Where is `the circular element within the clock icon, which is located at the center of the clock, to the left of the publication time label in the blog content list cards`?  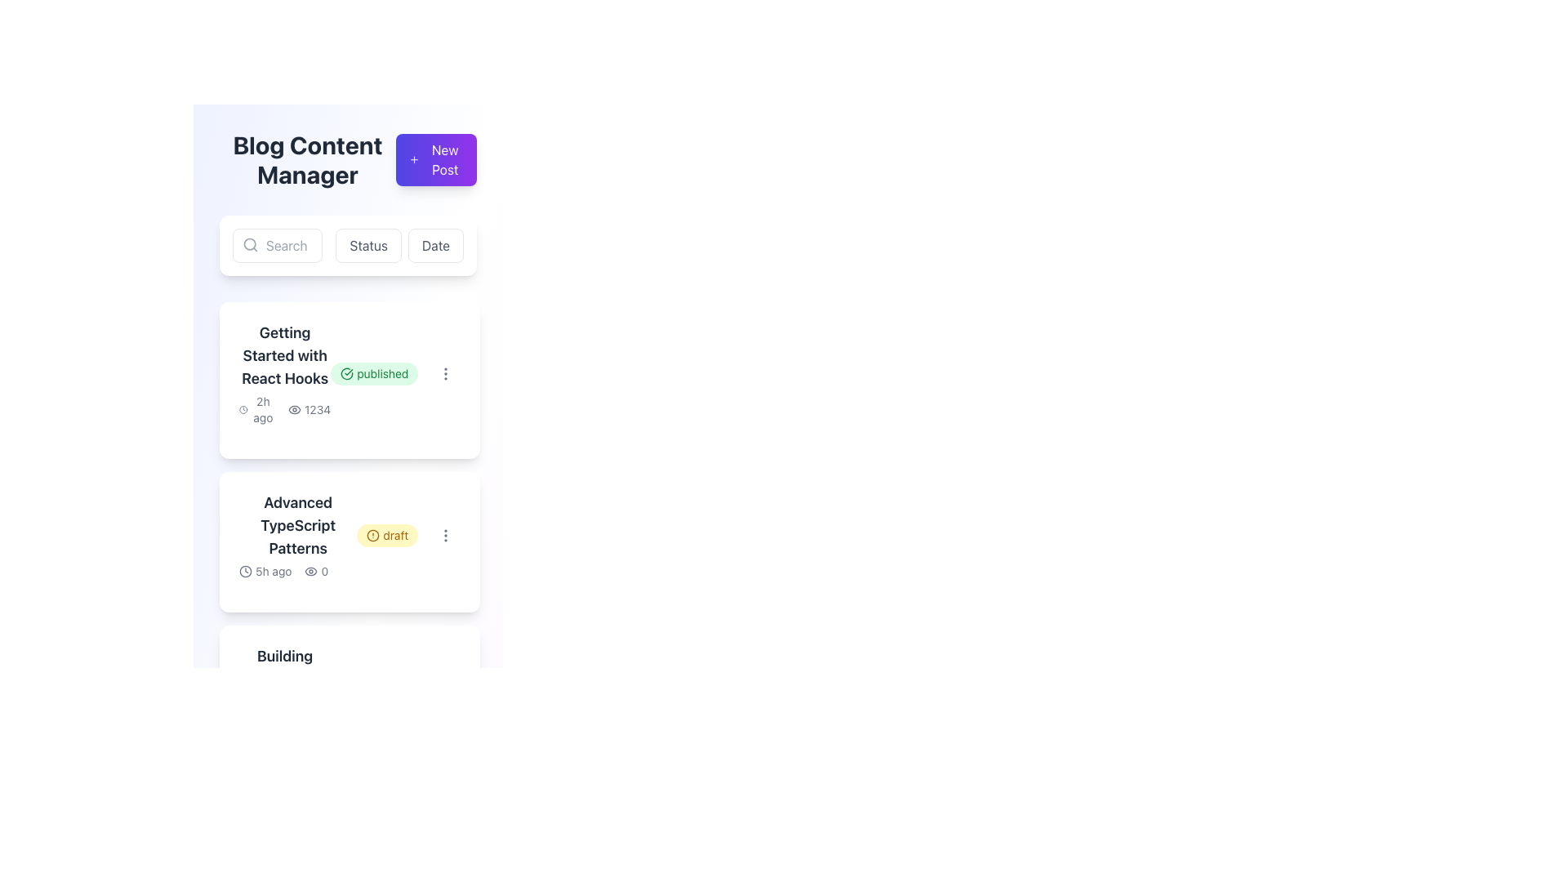
the circular element within the clock icon, which is located at the center of the clock, to the left of the publication time label in the blog content list cards is located at coordinates (245, 570).